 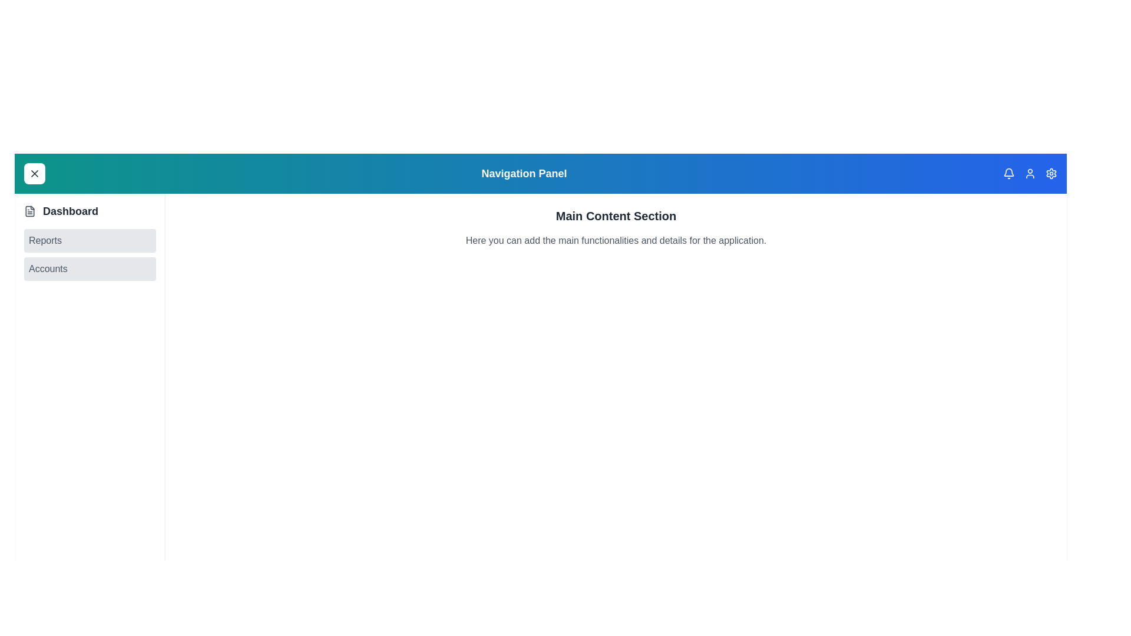 What do you see at coordinates (34, 173) in the screenshot?
I see `the close button located in the top left corner of the navigation bar, which is styled with a gradient from teal to blue` at bounding box center [34, 173].